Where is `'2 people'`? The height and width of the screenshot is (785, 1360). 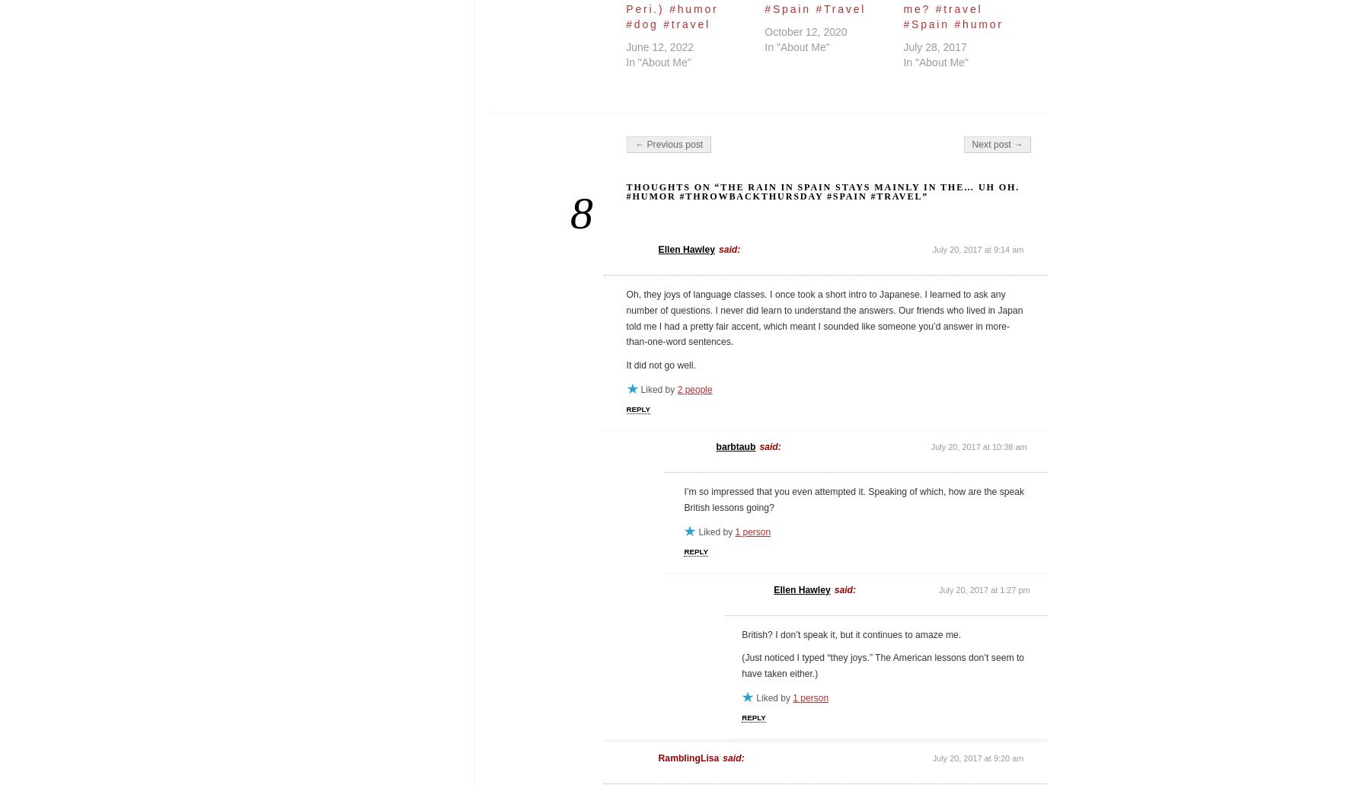 '2 people' is located at coordinates (694, 388).